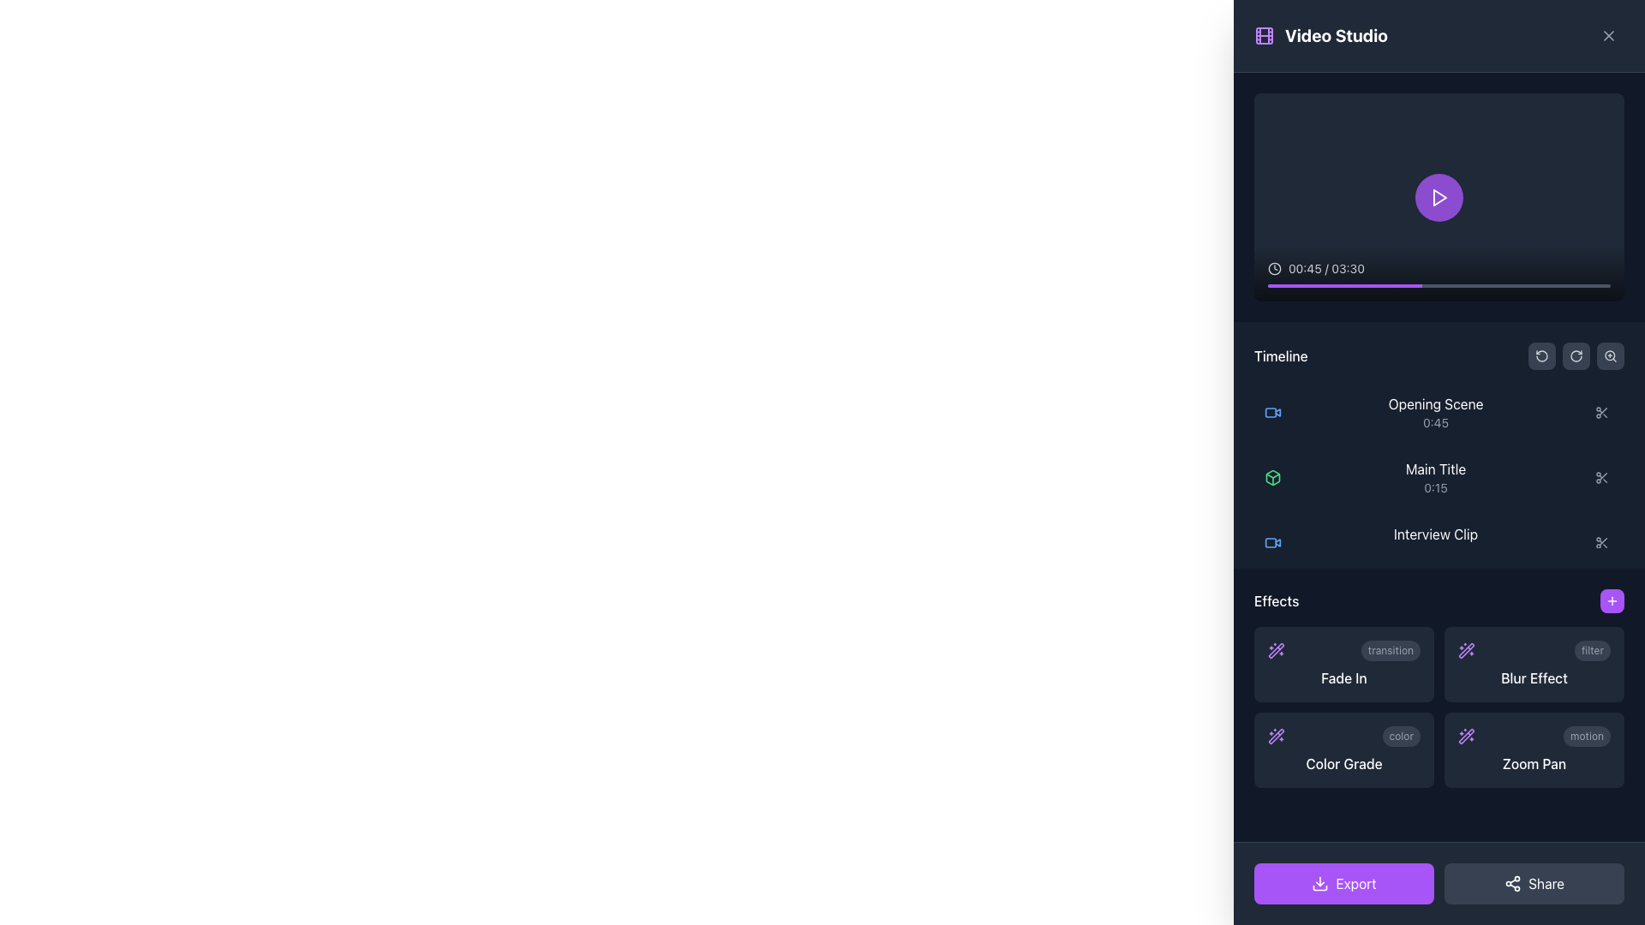 The image size is (1645, 925). Describe the element at coordinates (1534, 749) in the screenshot. I see `the motion editing effect button located` at that location.